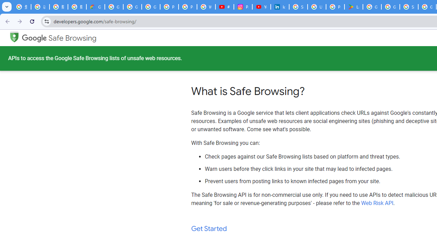 The height and width of the screenshot is (246, 437). Describe the element at coordinates (298, 7) in the screenshot. I see `'Sign in - Google Accounts'` at that location.